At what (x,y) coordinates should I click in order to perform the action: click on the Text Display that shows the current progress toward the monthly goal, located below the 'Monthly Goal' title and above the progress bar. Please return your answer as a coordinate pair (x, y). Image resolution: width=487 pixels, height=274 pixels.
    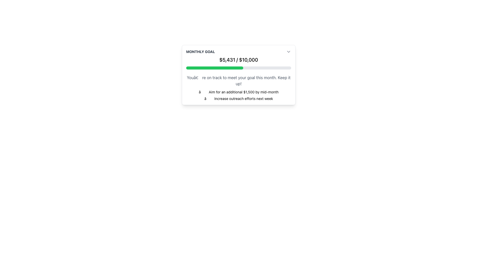
    Looking at the image, I should click on (238, 59).